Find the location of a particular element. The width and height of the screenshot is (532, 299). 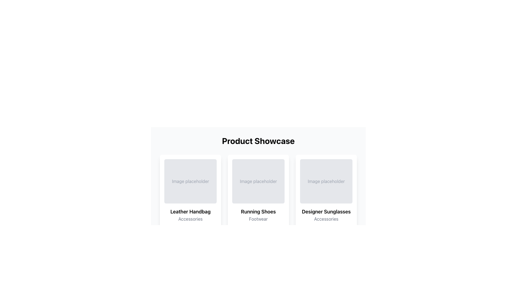

the text label that serves as the title for the product displayed in the associated card, located in the third column of a grid layout, below the 'Image placeholder' area and above the 'Accessories' label is located at coordinates (326, 212).